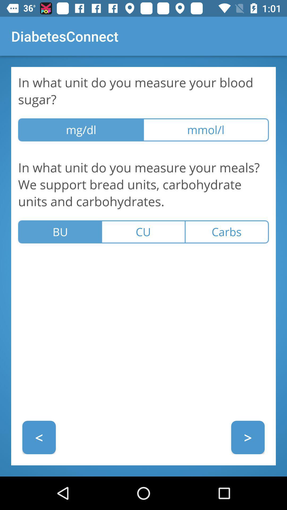 The image size is (287, 510). Describe the element at coordinates (248, 437) in the screenshot. I see `the > at the bottom right corner` at that location.